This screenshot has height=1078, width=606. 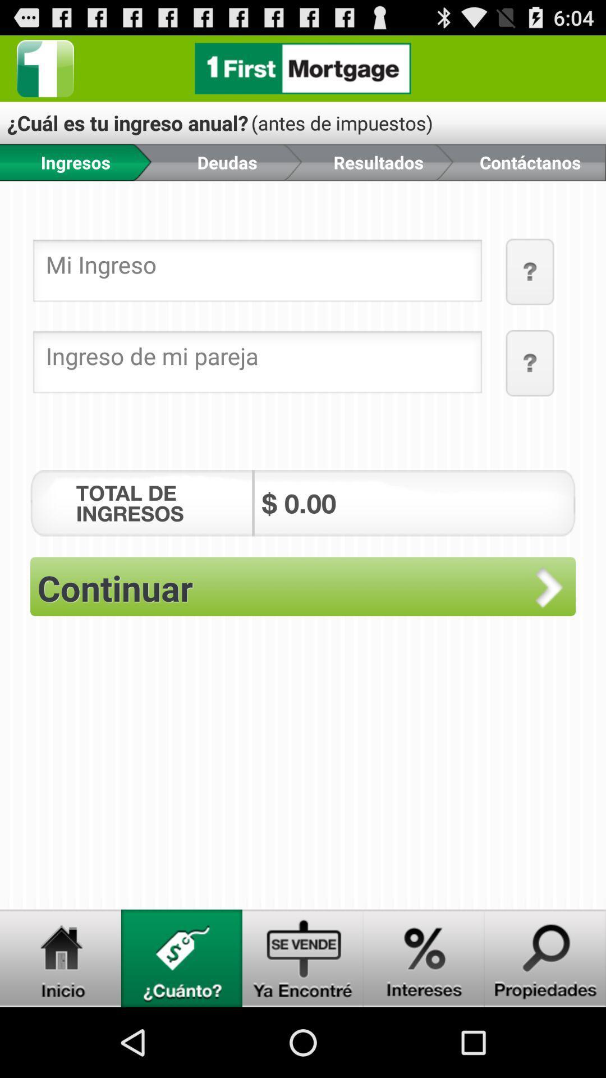 What do you see at coordinates (424, 1025) in the screenshot?
I see `the location icon` at bounding box center [424, 1025].